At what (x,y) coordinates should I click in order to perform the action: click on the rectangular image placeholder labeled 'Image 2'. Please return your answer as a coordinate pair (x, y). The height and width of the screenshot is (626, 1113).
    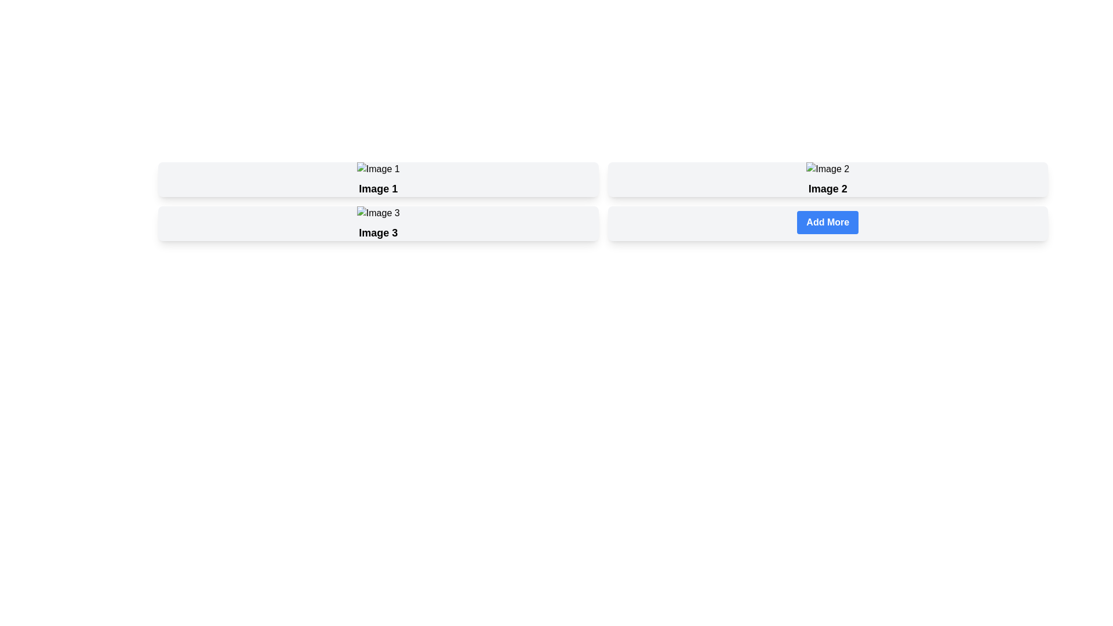
    Looking at the image, I should click on (827, 169).